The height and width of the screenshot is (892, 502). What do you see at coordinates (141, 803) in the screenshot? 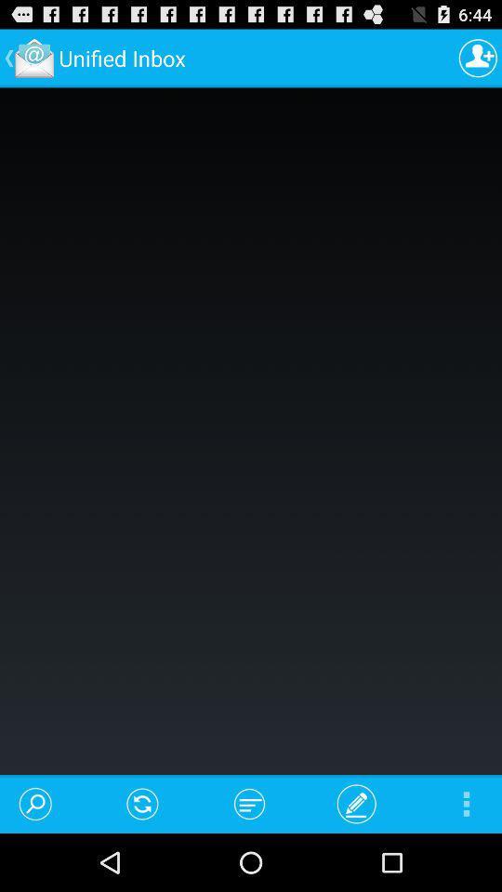
I see `the icon below the unified inbox item` at bounding box center [141, 803].